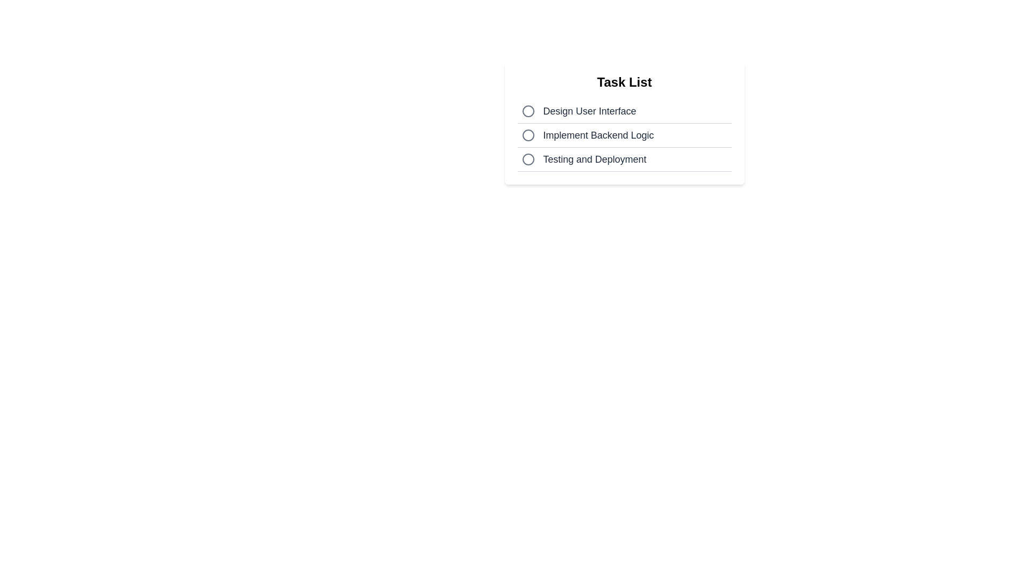  Describe the element at coordinates (528, 111) in the screenshot. I see `the first Selection Indicator (Circle)` at that location.